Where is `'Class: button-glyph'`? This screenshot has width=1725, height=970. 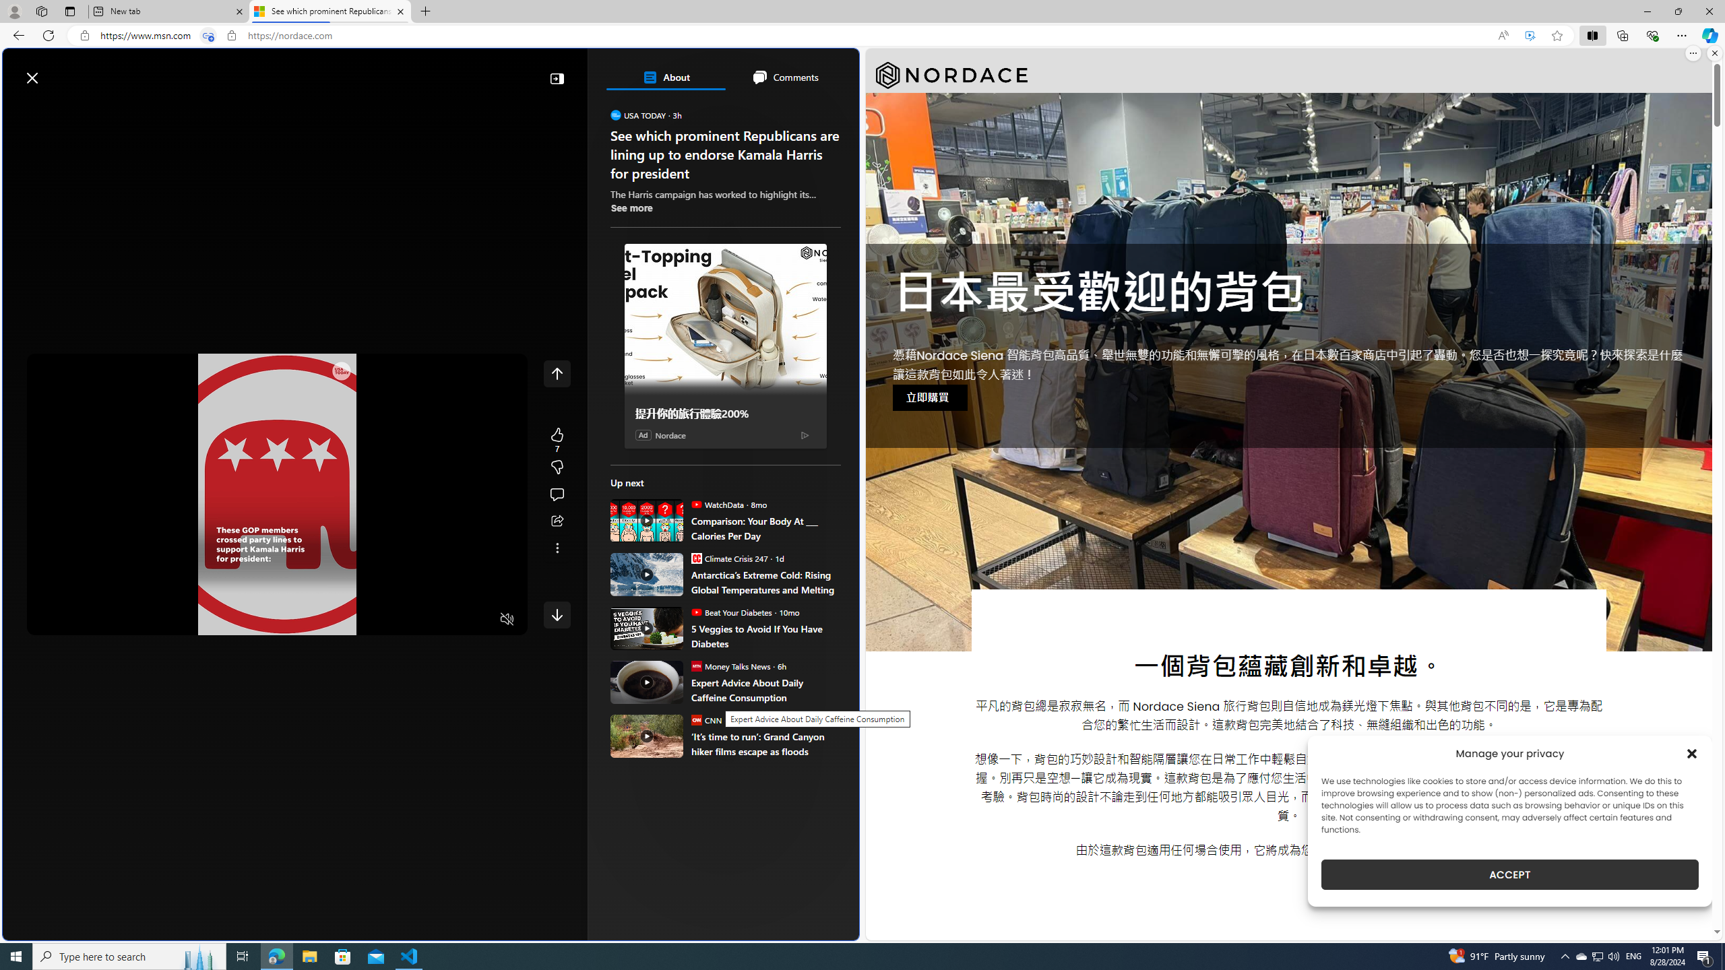 'Class: button-glyph' is located at coordinates (19, 109).